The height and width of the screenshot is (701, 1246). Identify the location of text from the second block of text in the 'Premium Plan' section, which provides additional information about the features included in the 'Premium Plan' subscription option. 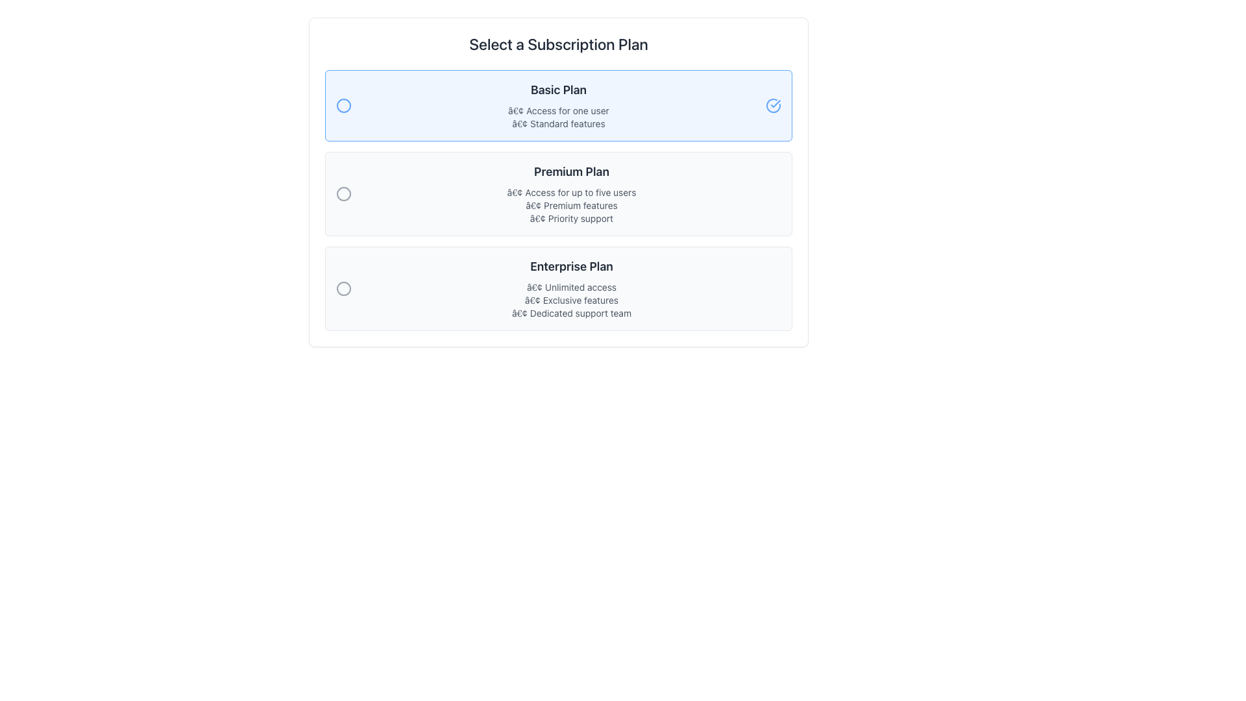
(571, 204).